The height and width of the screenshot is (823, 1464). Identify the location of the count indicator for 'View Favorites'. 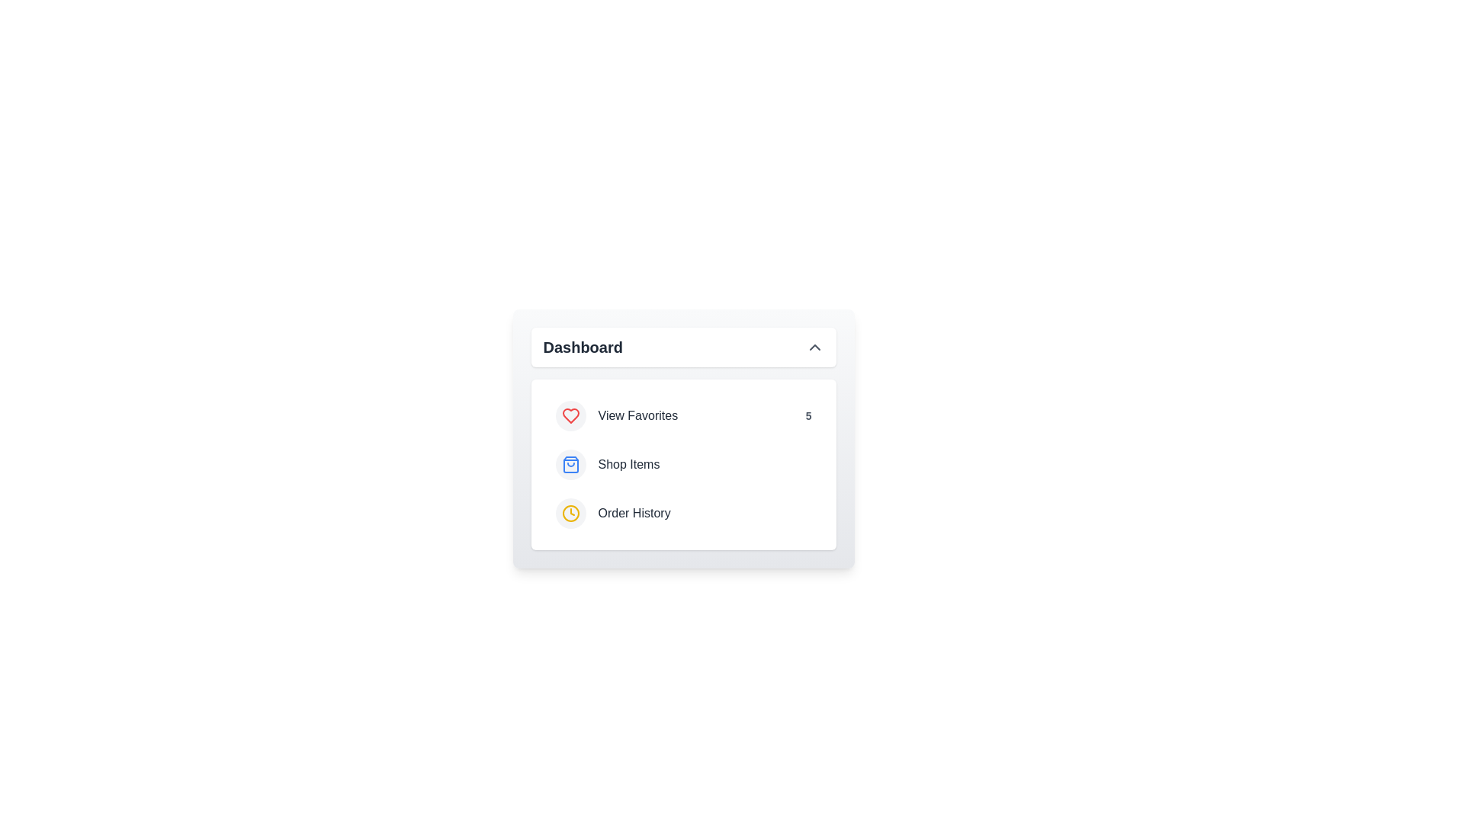
(807, 416).